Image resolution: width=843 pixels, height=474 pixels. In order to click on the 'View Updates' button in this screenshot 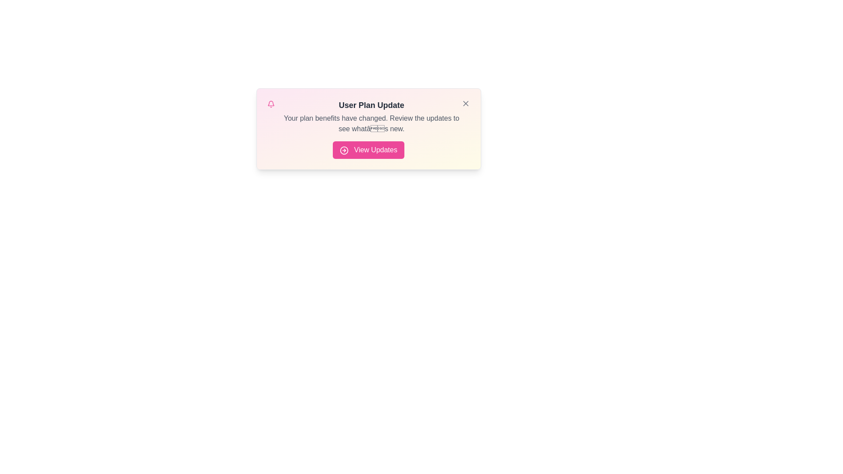, I will do `click(368, 150)`.